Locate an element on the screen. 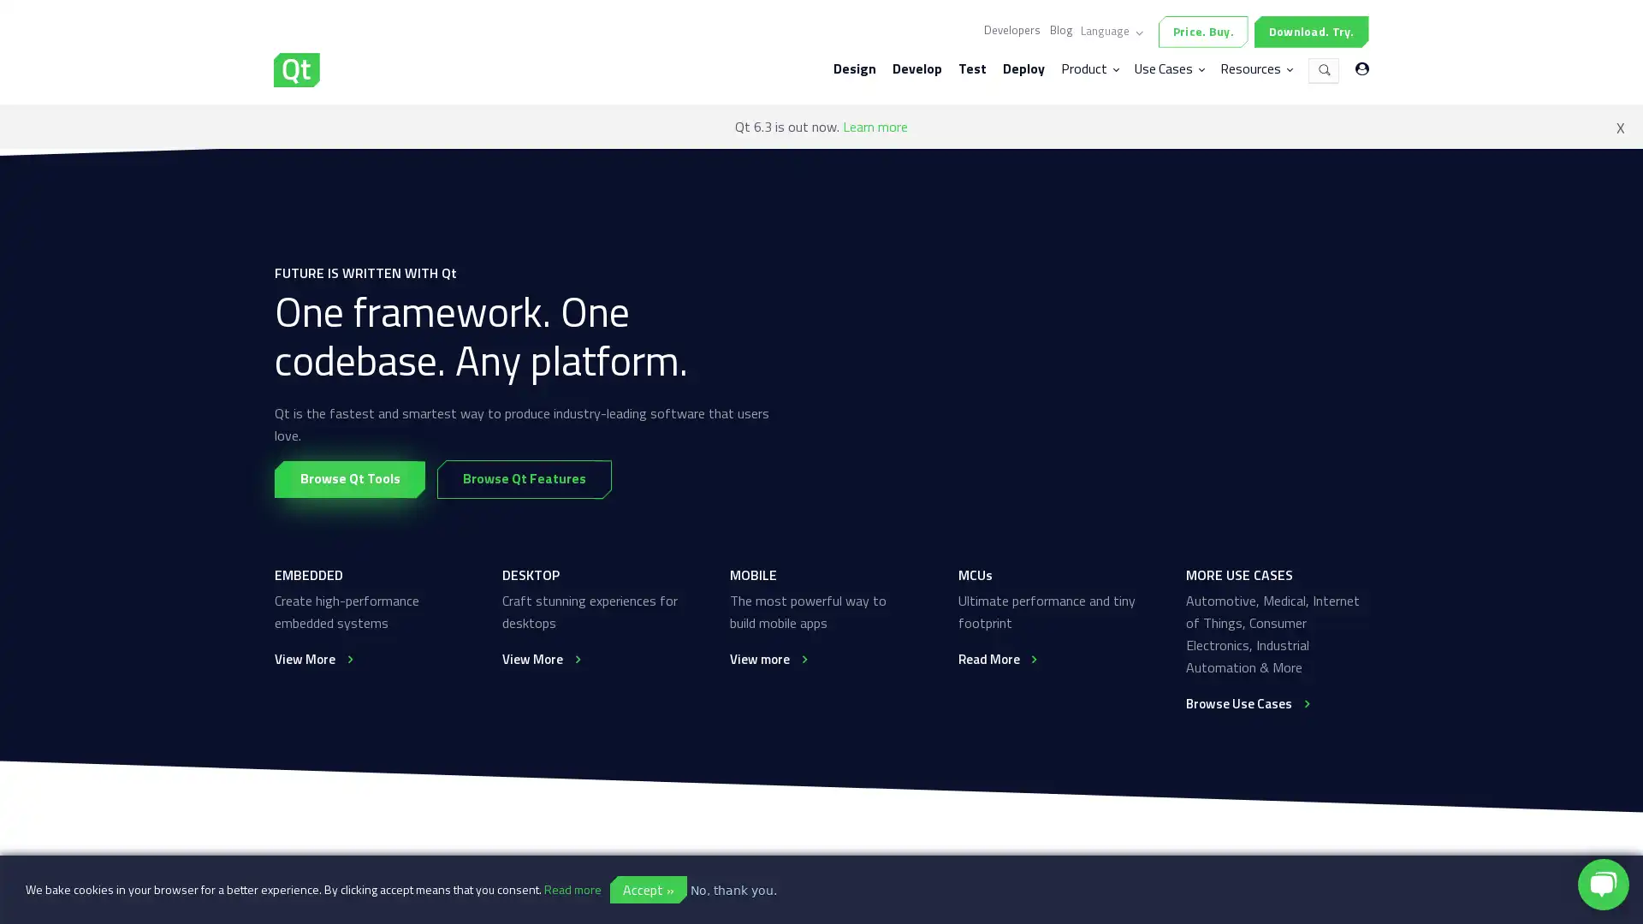 This screenshot has width=1643, height=924. No, thank you. is located at coordinates (733, 890).